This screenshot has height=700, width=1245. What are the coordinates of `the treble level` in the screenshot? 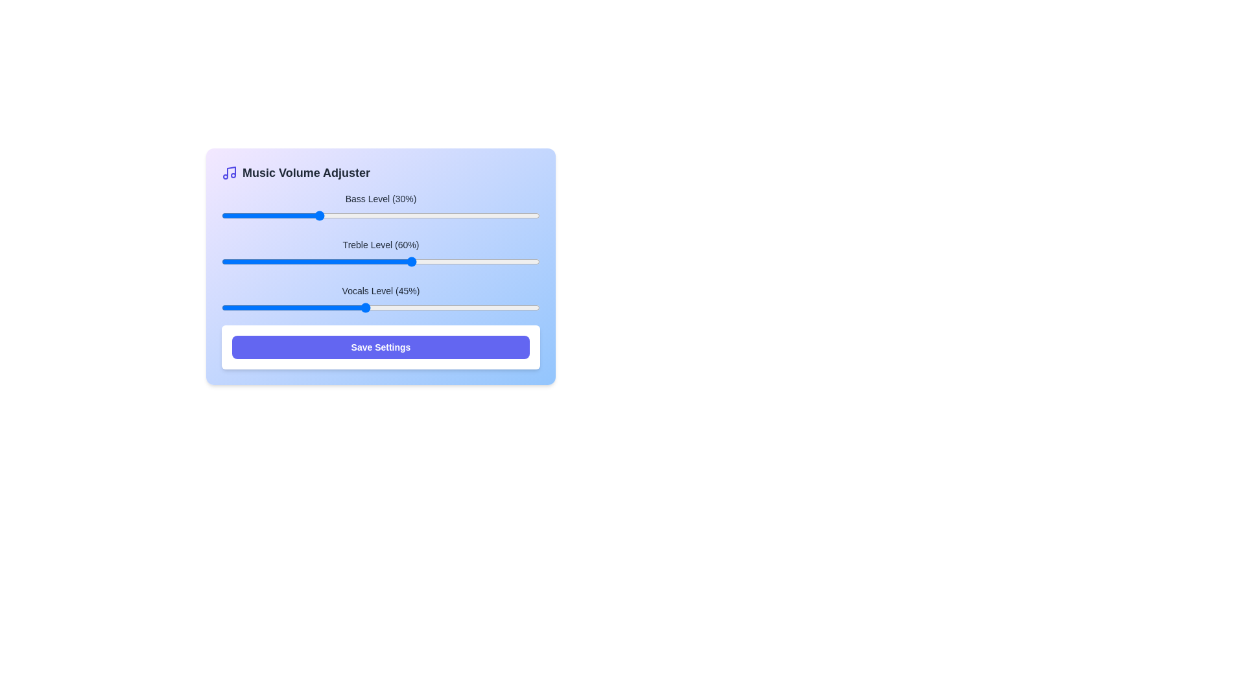 It's located at (268, 262).